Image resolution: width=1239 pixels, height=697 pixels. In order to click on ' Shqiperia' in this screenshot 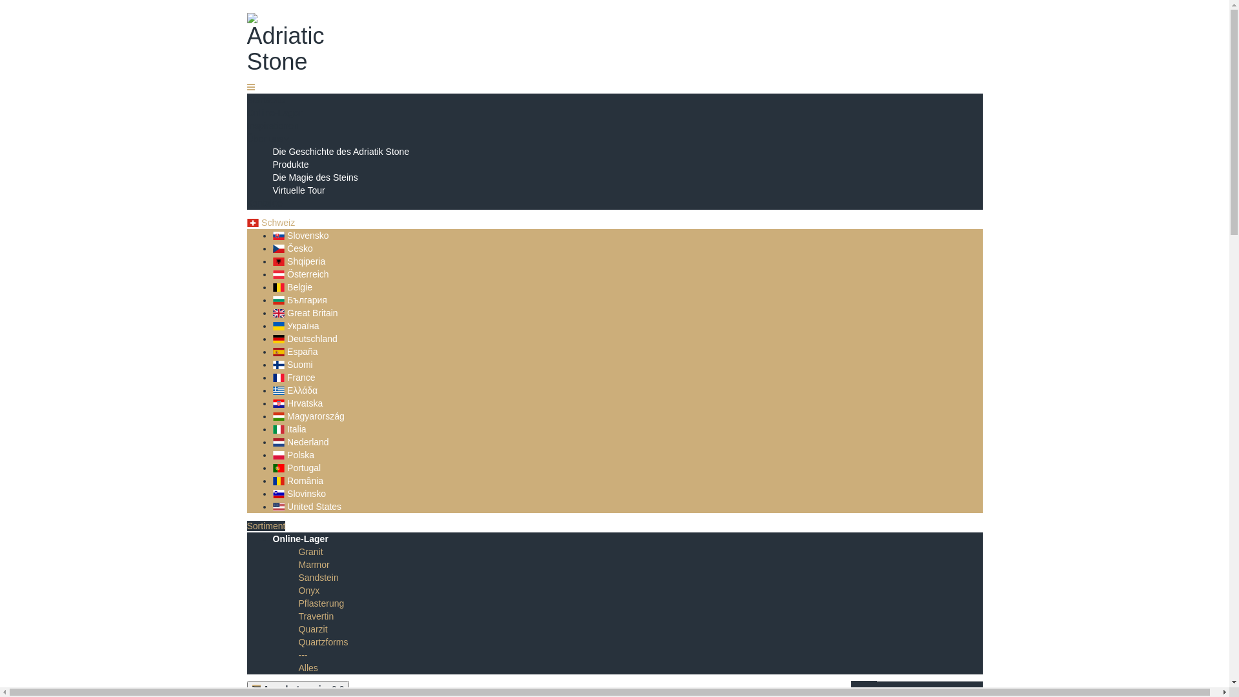, I will do `click(297, 261)`.